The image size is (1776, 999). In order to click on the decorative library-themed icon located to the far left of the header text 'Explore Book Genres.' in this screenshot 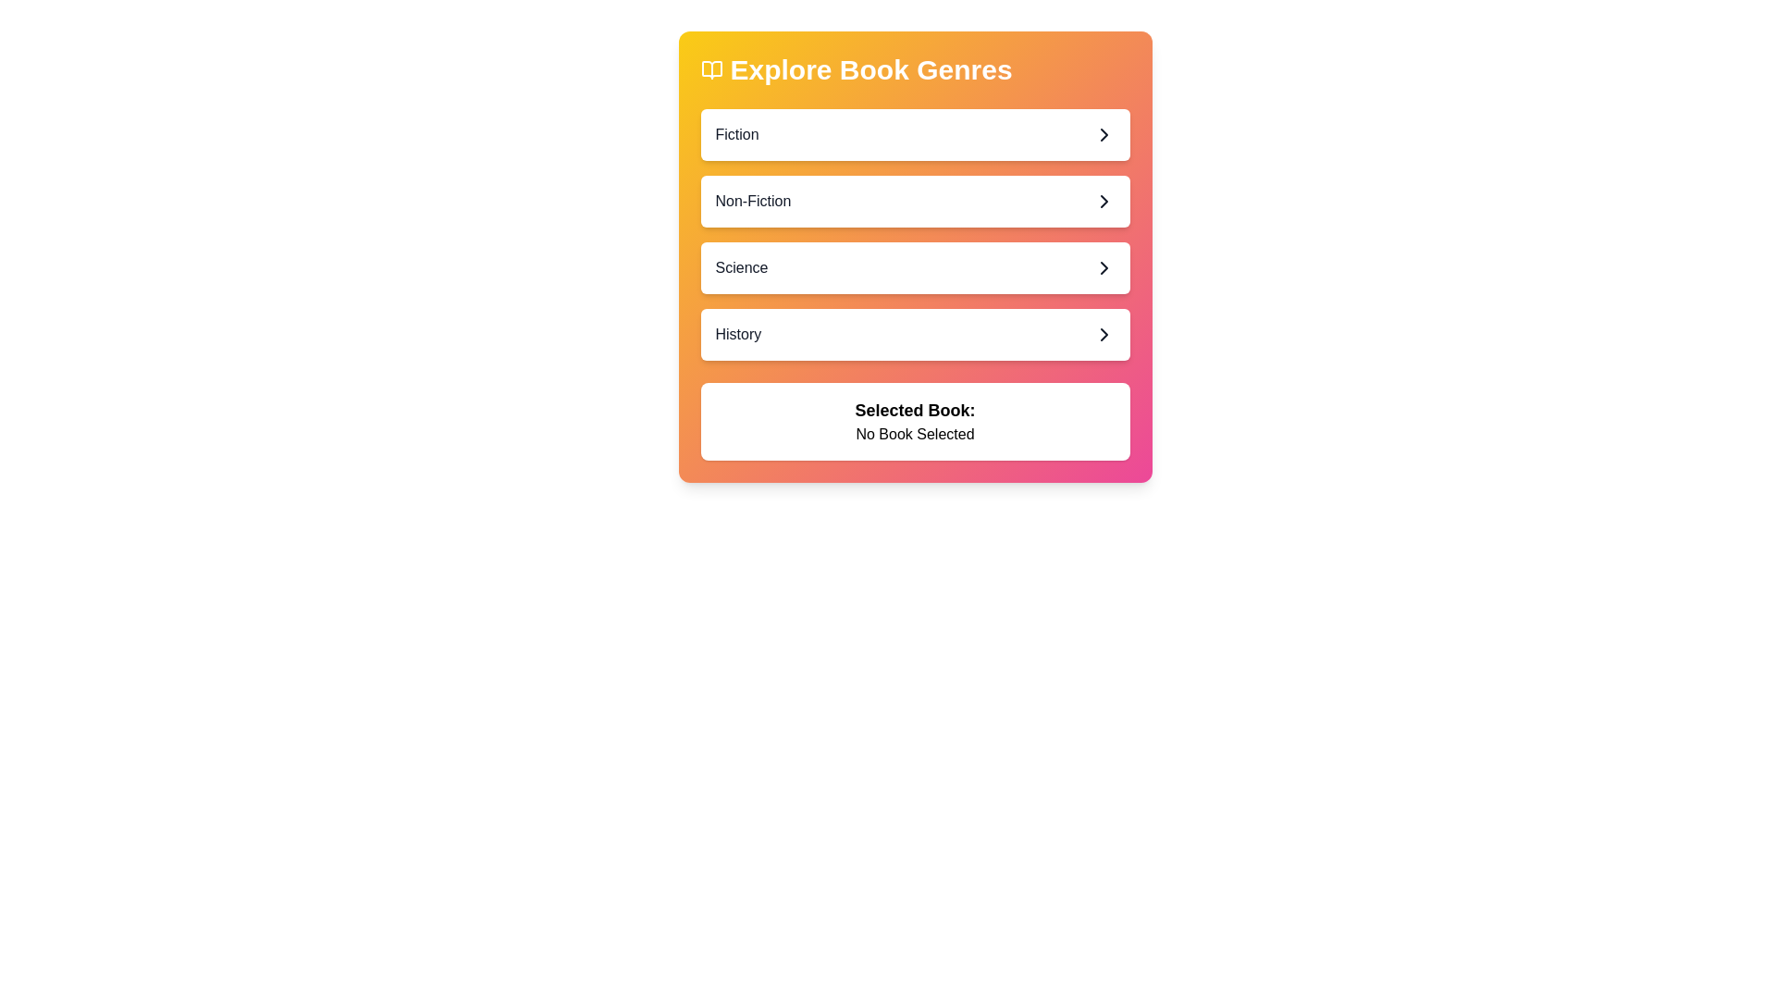, I will do `click(710, 69)`.